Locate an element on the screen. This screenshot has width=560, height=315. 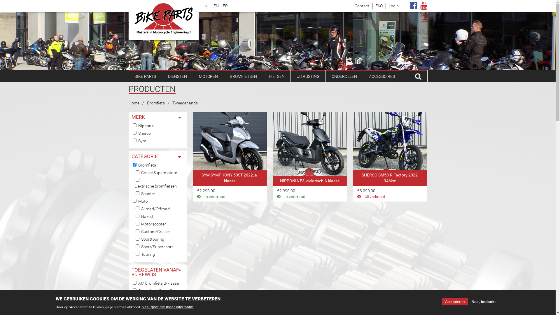
'bromfiets te koop : NIPPONIA F3, elektrisch A-klasse' is located at coordinates (309, 144).